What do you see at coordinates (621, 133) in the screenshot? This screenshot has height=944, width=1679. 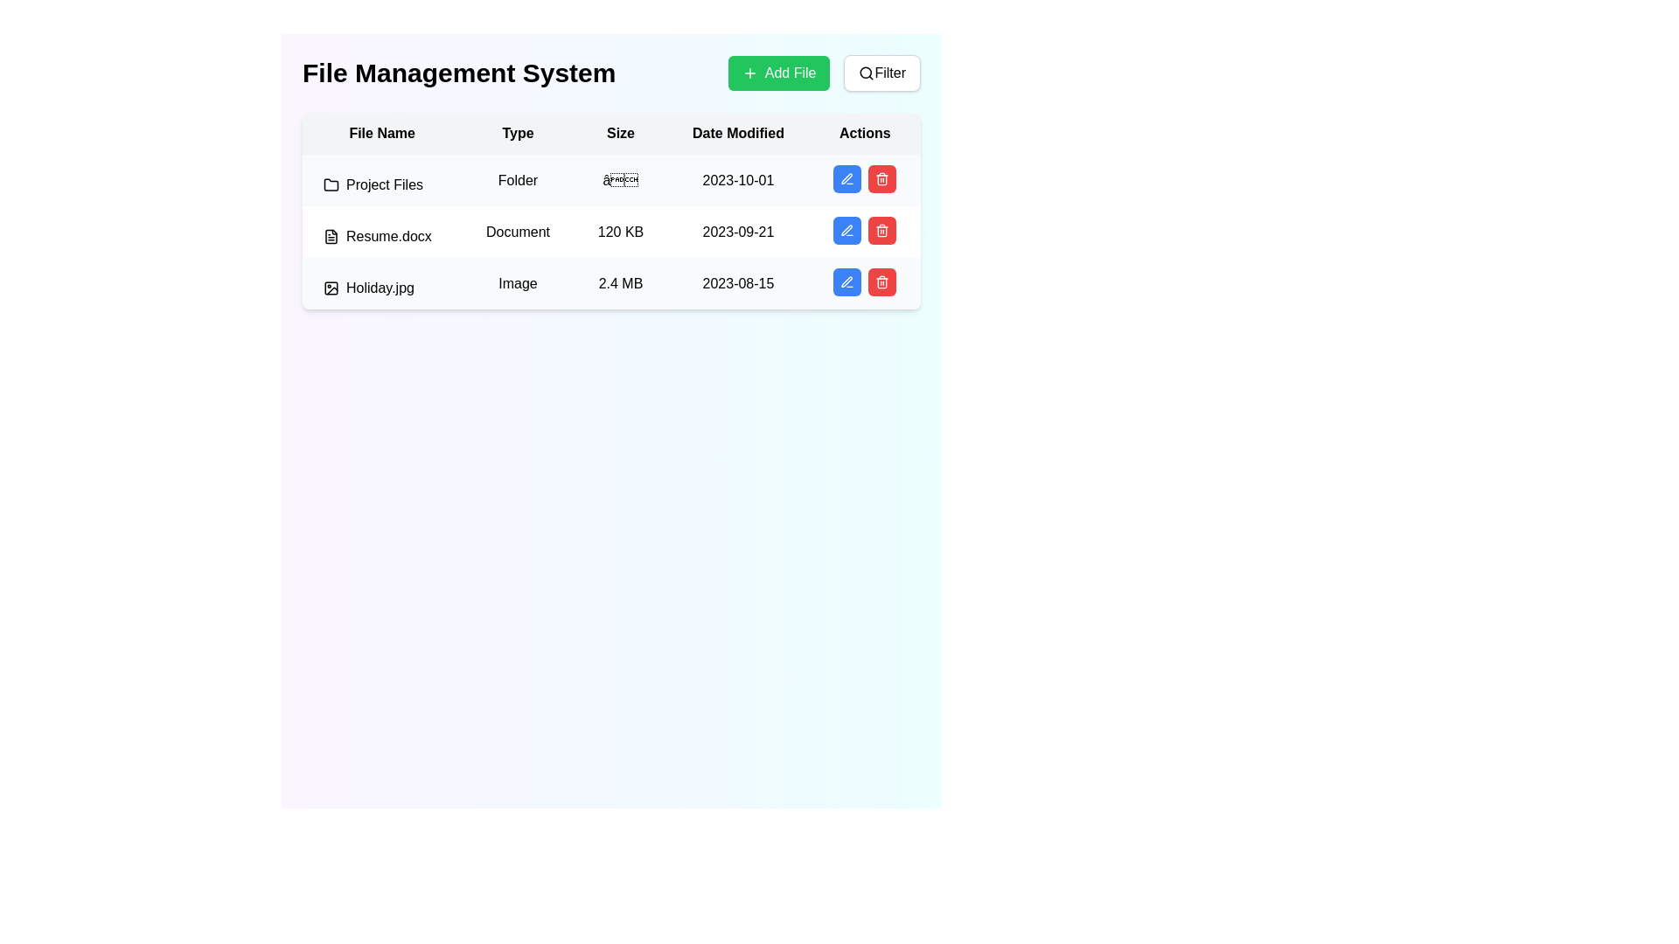 I see `the text label displaying the word 'Size'` at bounding box center [621, 133].